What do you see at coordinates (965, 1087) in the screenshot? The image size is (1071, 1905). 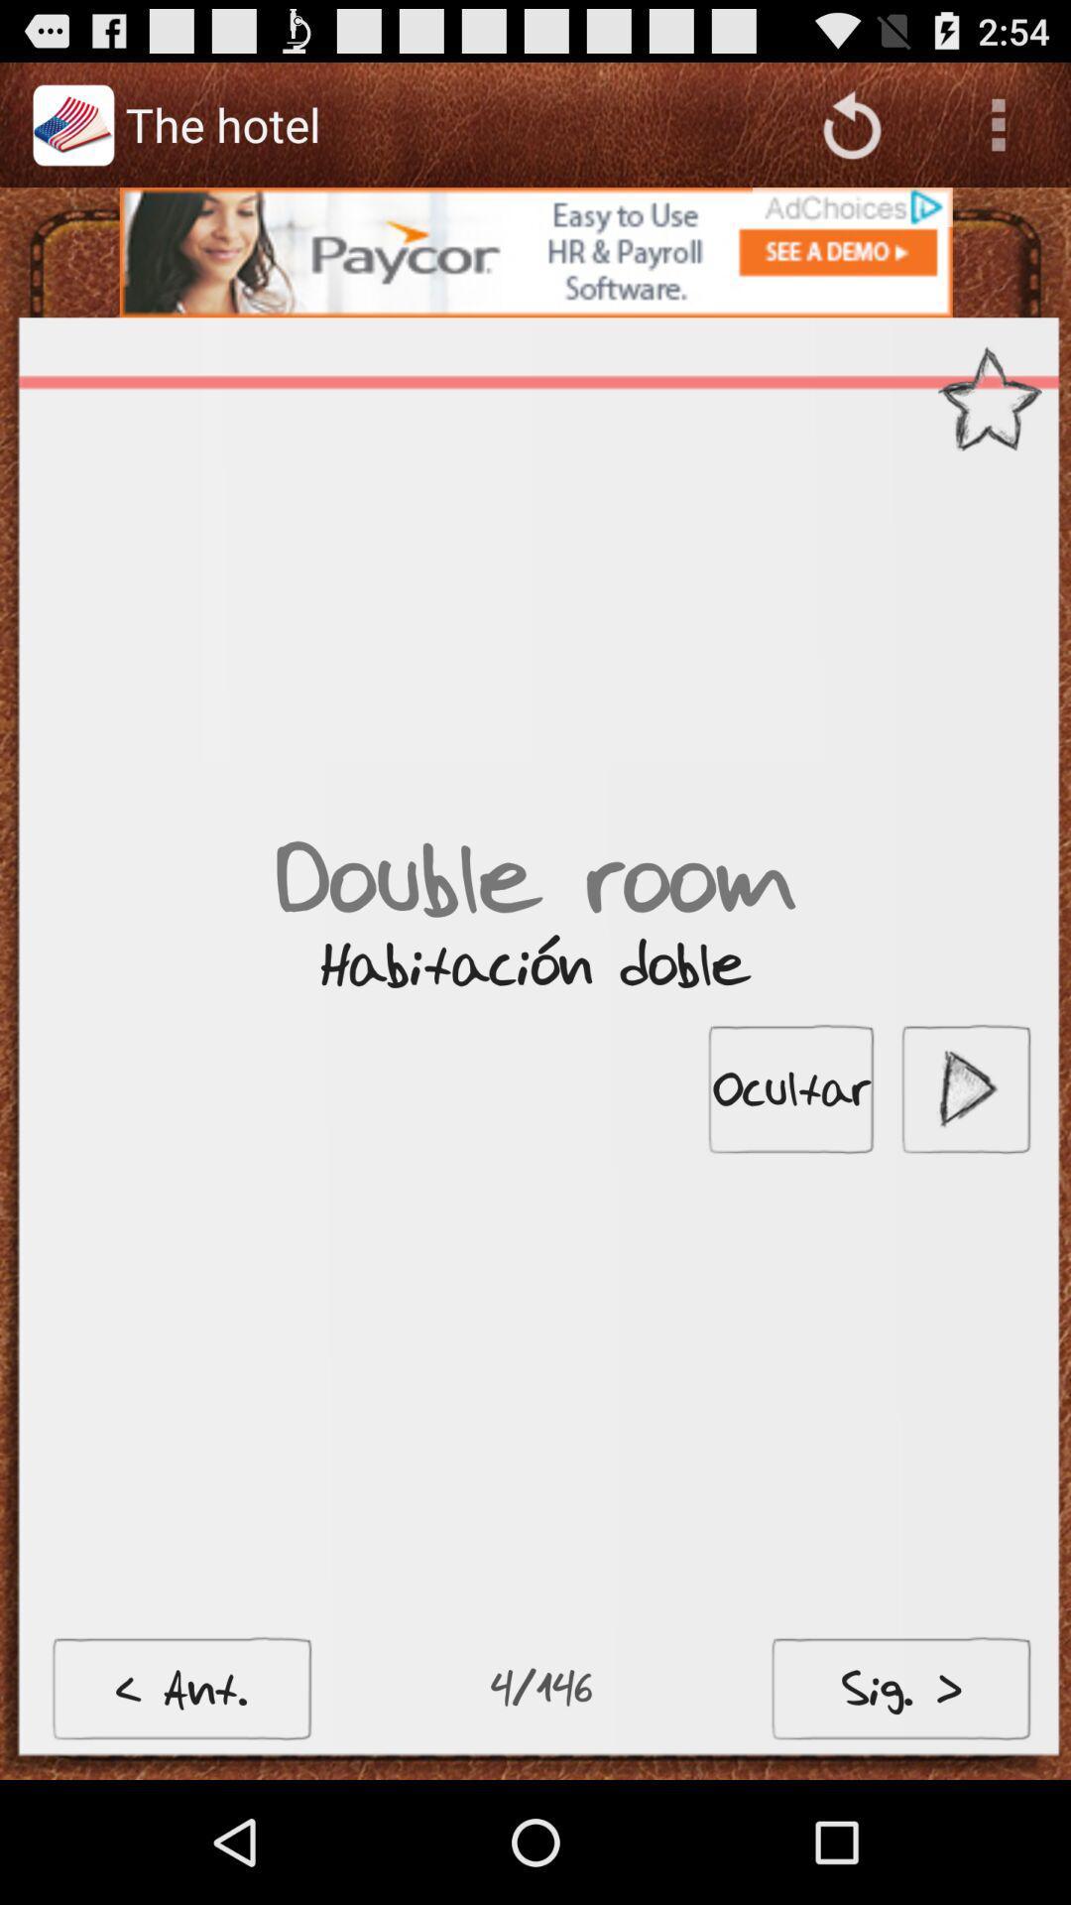 I see `the play button at middle right of the page` at bounding box center [965, 1087].